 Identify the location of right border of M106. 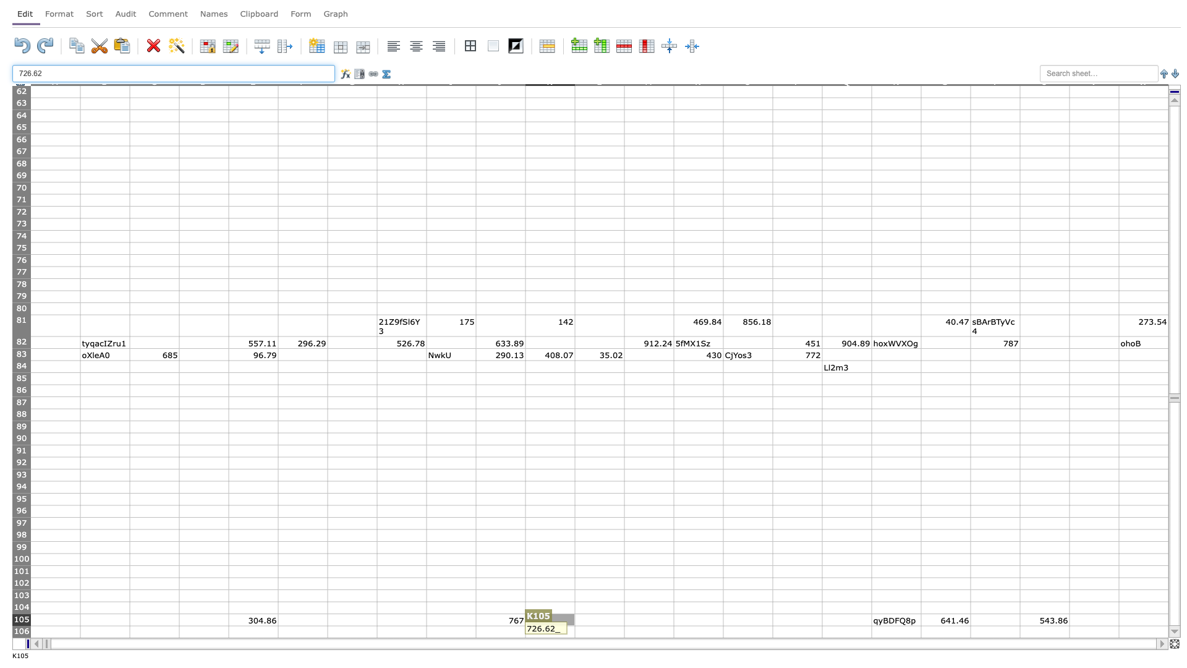
(673, 632).